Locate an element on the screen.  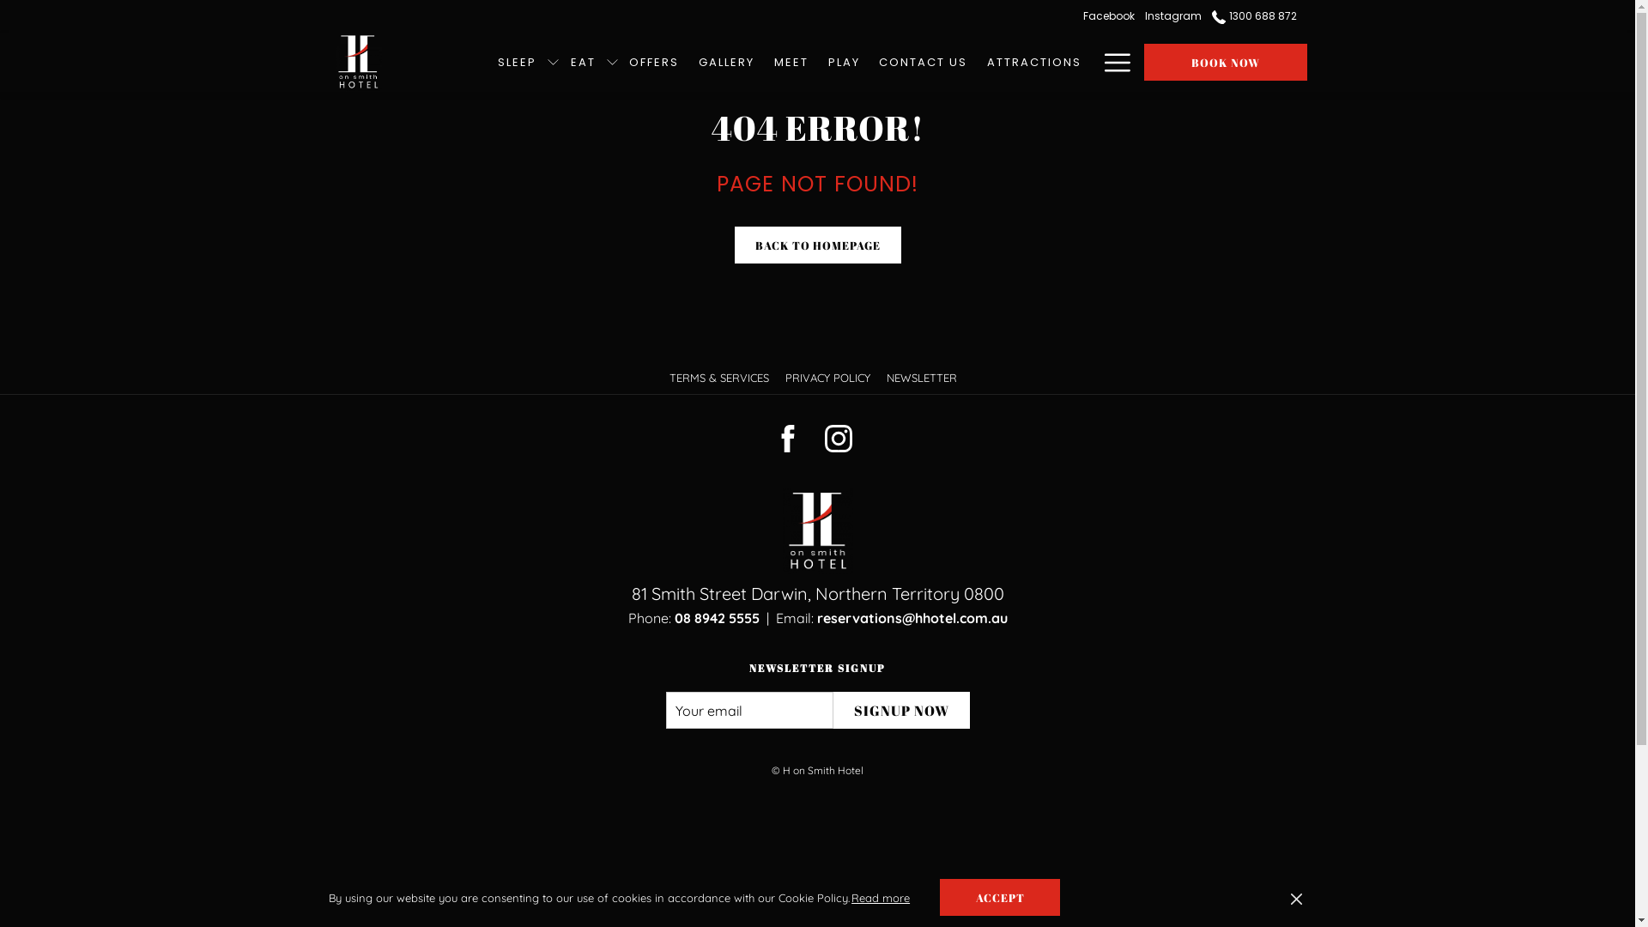
'TERMS & SERVICES' is located at coordinates (721, 376).